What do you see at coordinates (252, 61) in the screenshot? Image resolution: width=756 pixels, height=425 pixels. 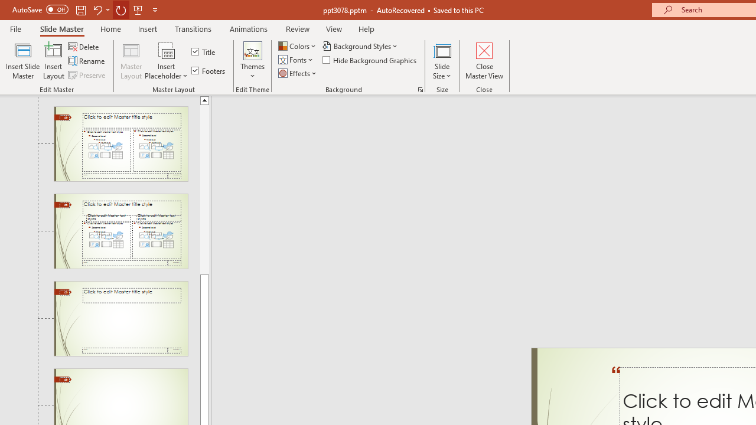 I see `'Themes'` at bounding box center [252, 61].